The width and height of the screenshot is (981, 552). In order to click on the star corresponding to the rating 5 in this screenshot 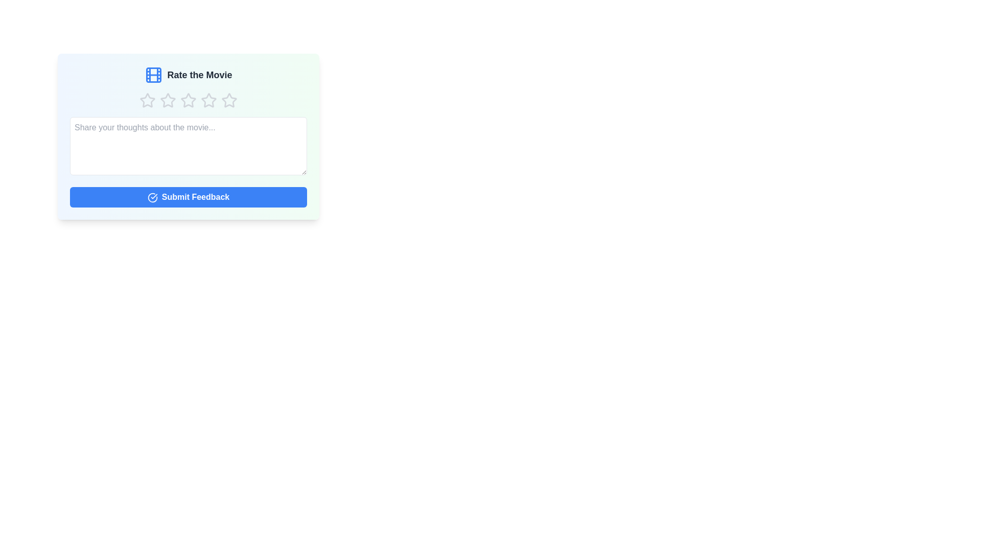, I will do `click(229, 100)`.